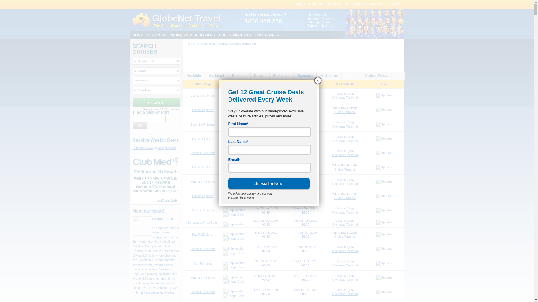  I want to click on 'Overseas Terminal', so click(344, 265).